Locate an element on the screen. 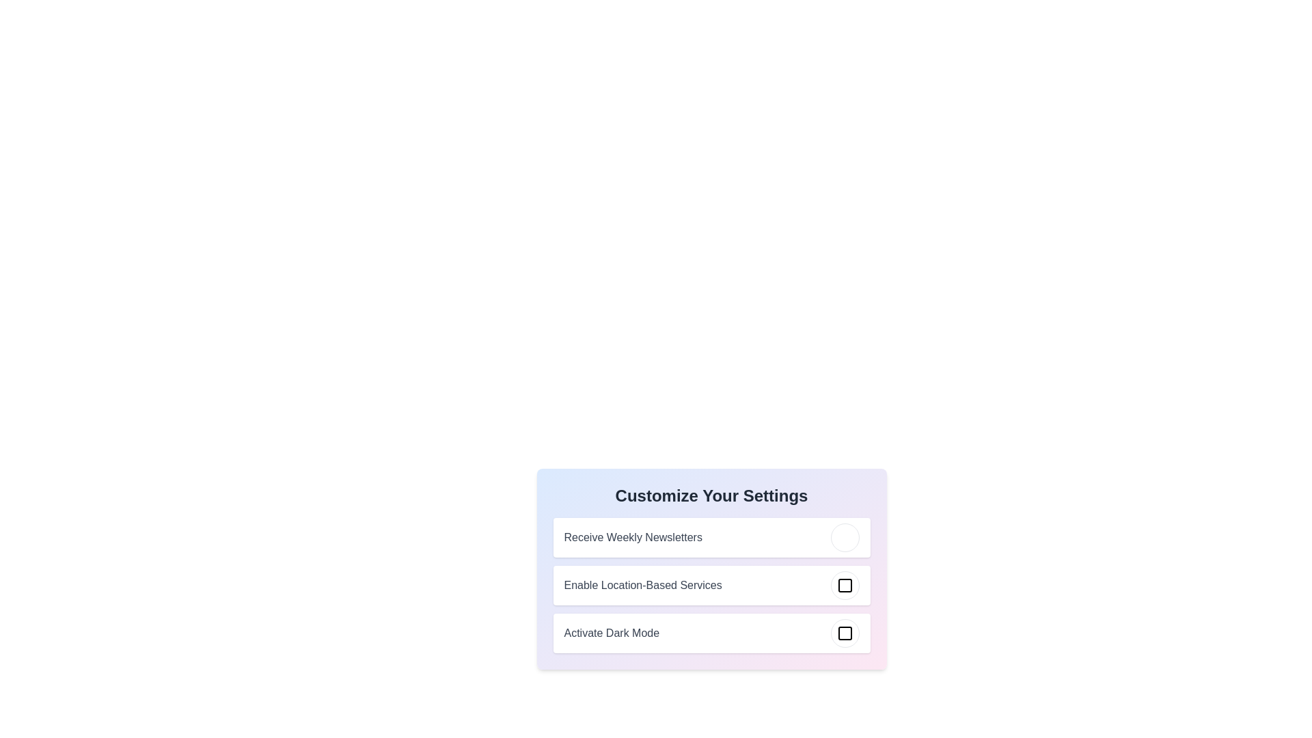 The width and height of the screenshot is (1312, 738). the Toggle button located in the 'Activate Dark Mode' section, which is a small circular button with a square icon inside is located at coordinates (844, 633).